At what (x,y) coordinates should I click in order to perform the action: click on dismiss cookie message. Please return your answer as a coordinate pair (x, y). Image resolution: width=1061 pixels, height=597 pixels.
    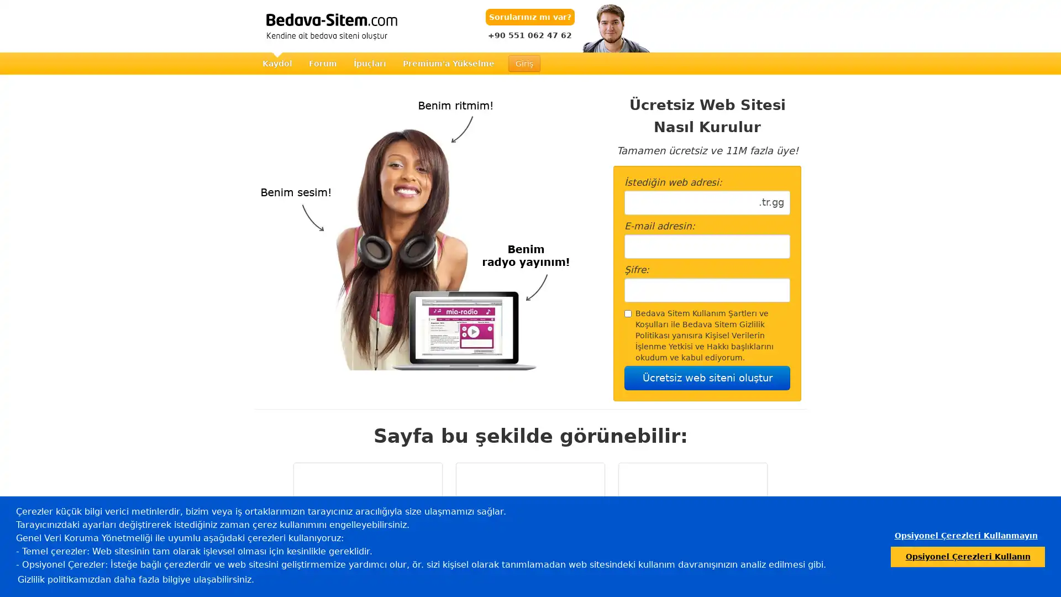
    Looking at the image, I should click on (965, 535).